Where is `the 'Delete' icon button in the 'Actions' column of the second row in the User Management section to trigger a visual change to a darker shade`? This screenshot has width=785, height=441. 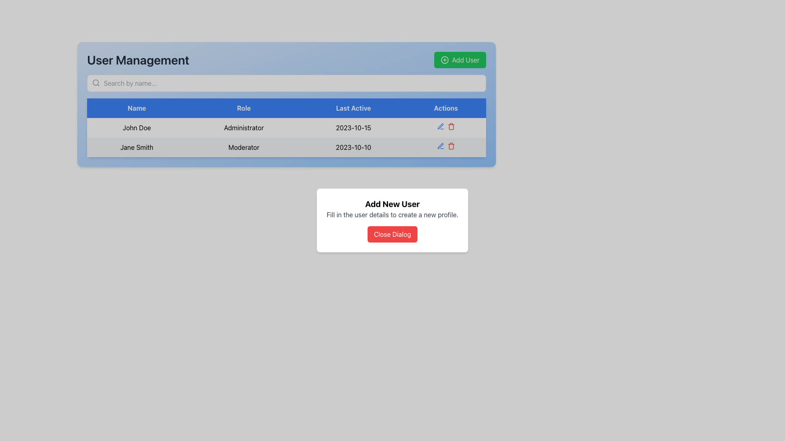
the 'Delete' icon button in the 'Actions' column of the second row in the User Management section to trigger a visual change to a darker shade is located at coordinates (451, 126).